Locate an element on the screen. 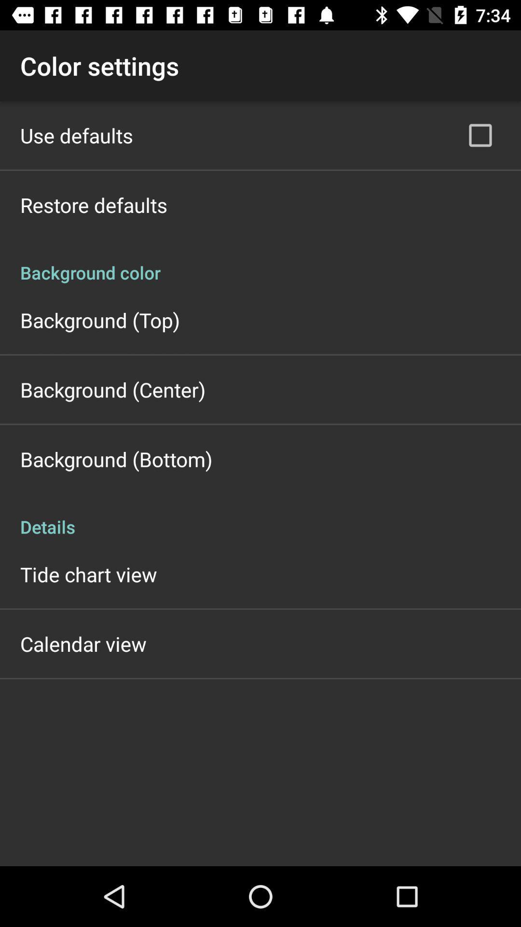 This screenshot has height=927, width=521. the app above the details app is located at coordinates (116, 458).